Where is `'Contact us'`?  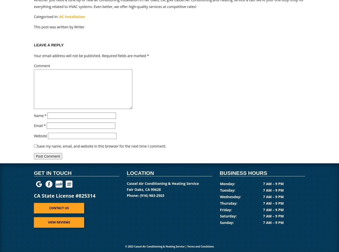 'Contact us' is located at coordinates (59, 208).